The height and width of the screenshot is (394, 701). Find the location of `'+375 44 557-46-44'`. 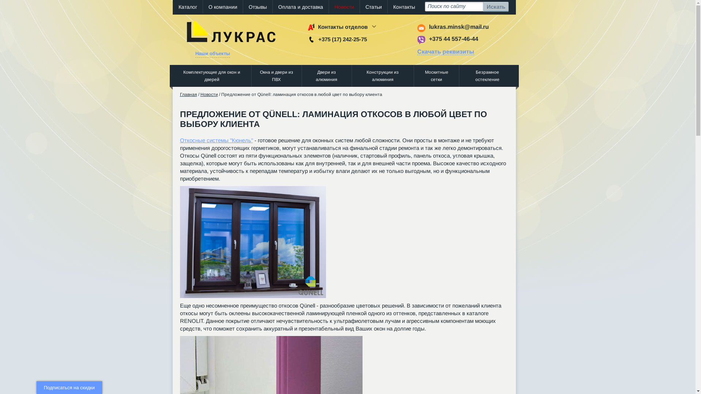

'+375 44 557-46-44' is located at coordinates (453, 39).